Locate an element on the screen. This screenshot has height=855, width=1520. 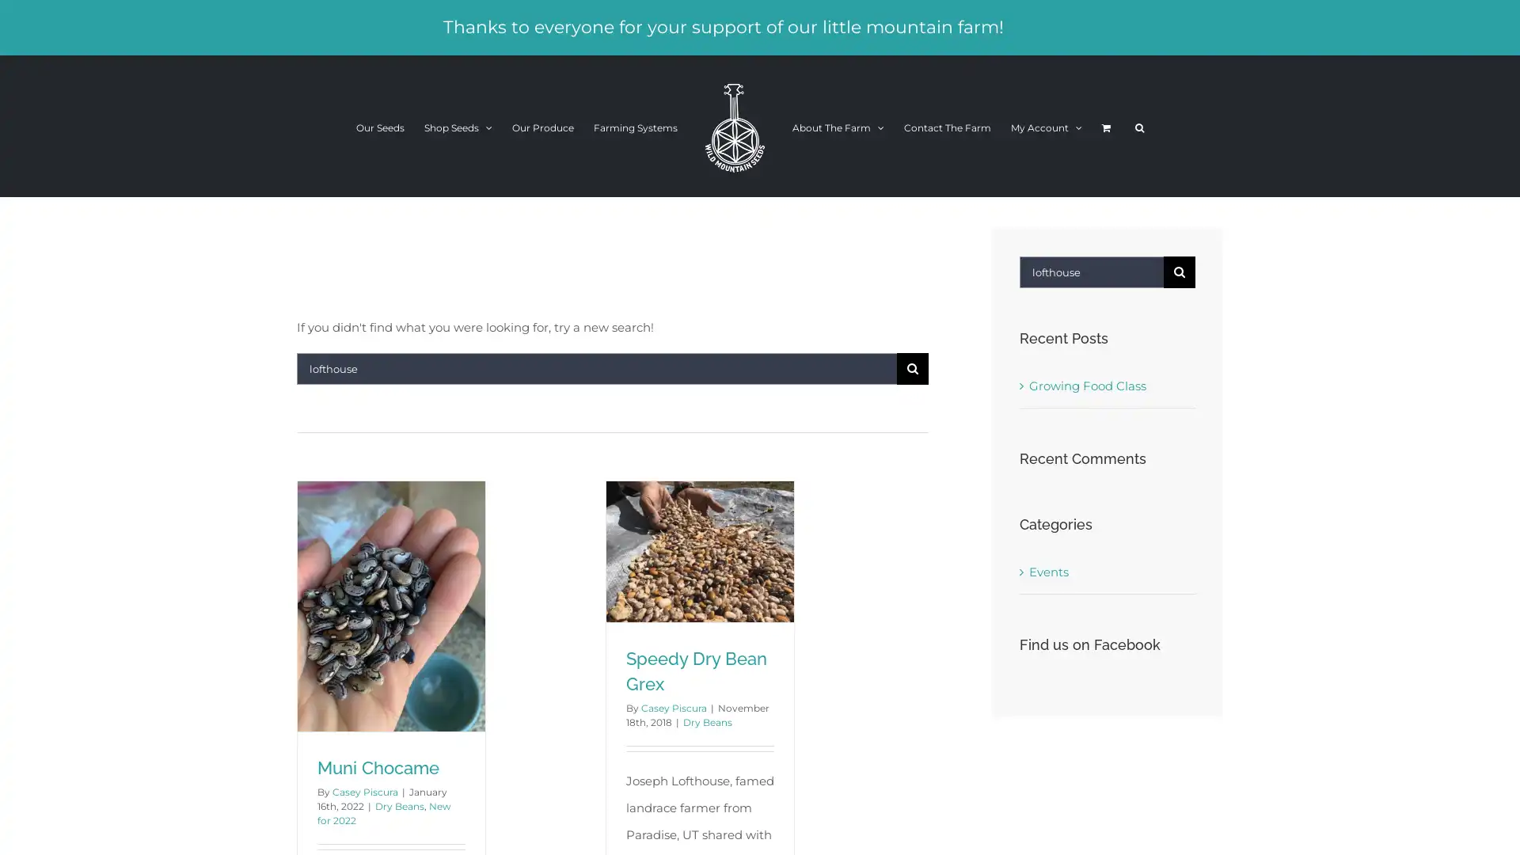
Search is located at coordinates (1178, 271).